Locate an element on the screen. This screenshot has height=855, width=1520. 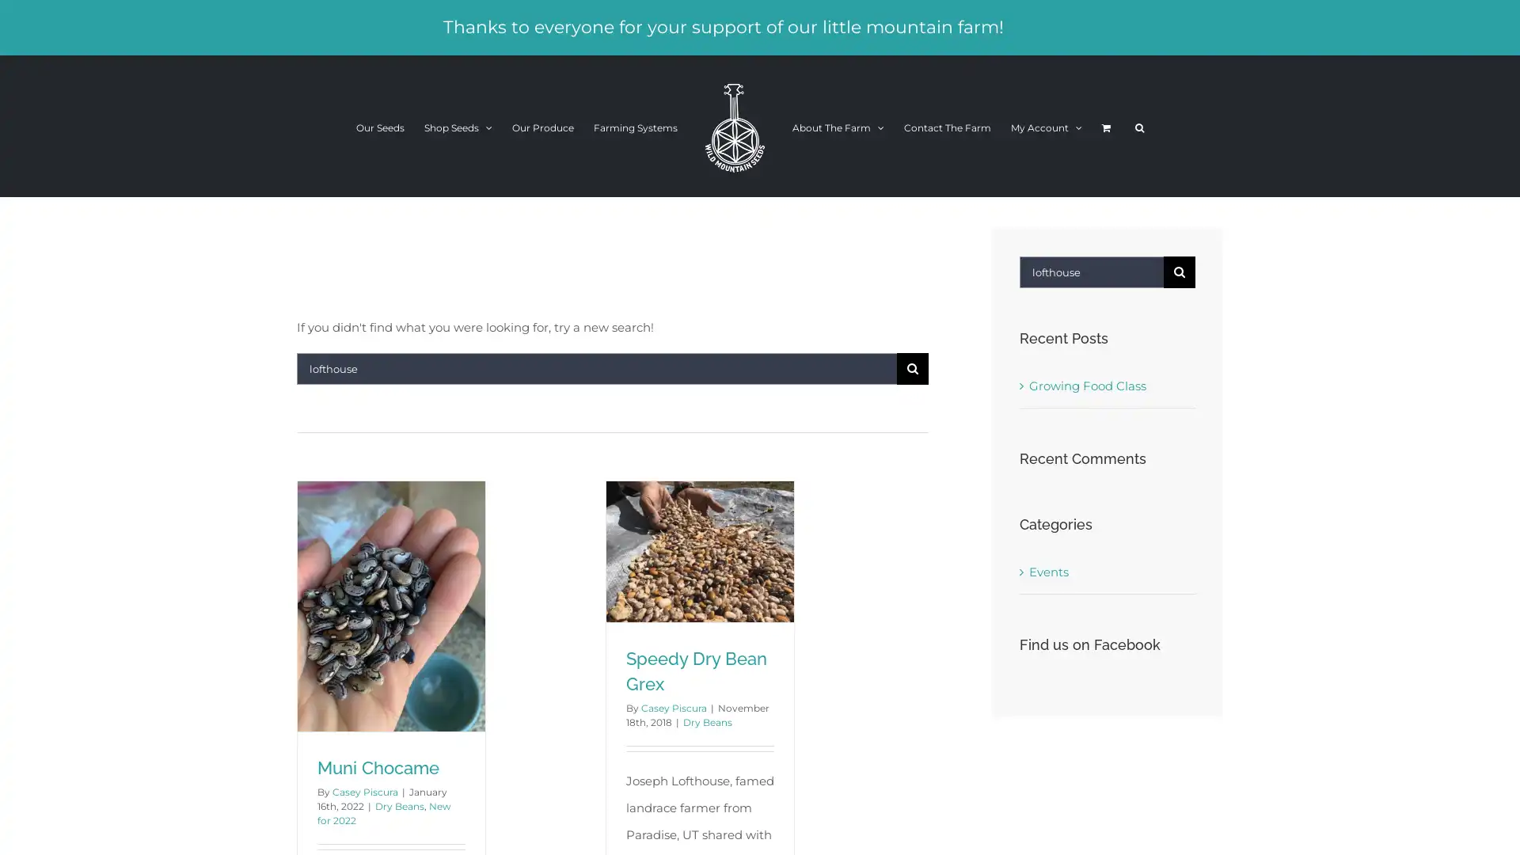
Search is located at coordinates (1178, 271).